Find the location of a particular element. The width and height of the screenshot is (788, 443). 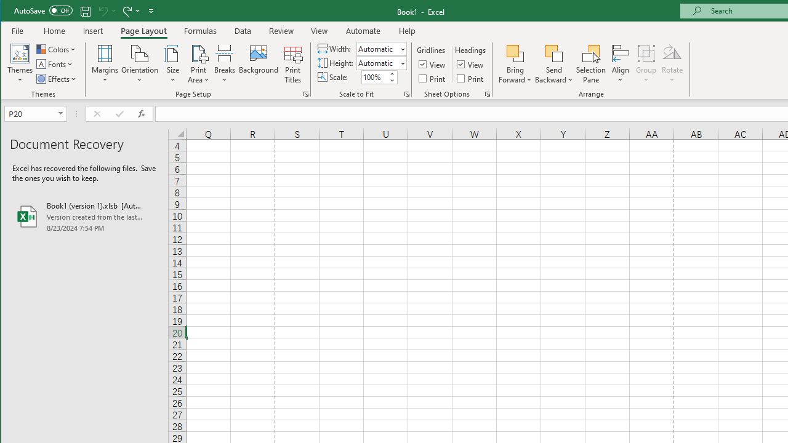

'Customize Quick Access Toolbar' is located at coordinates (150, 10).